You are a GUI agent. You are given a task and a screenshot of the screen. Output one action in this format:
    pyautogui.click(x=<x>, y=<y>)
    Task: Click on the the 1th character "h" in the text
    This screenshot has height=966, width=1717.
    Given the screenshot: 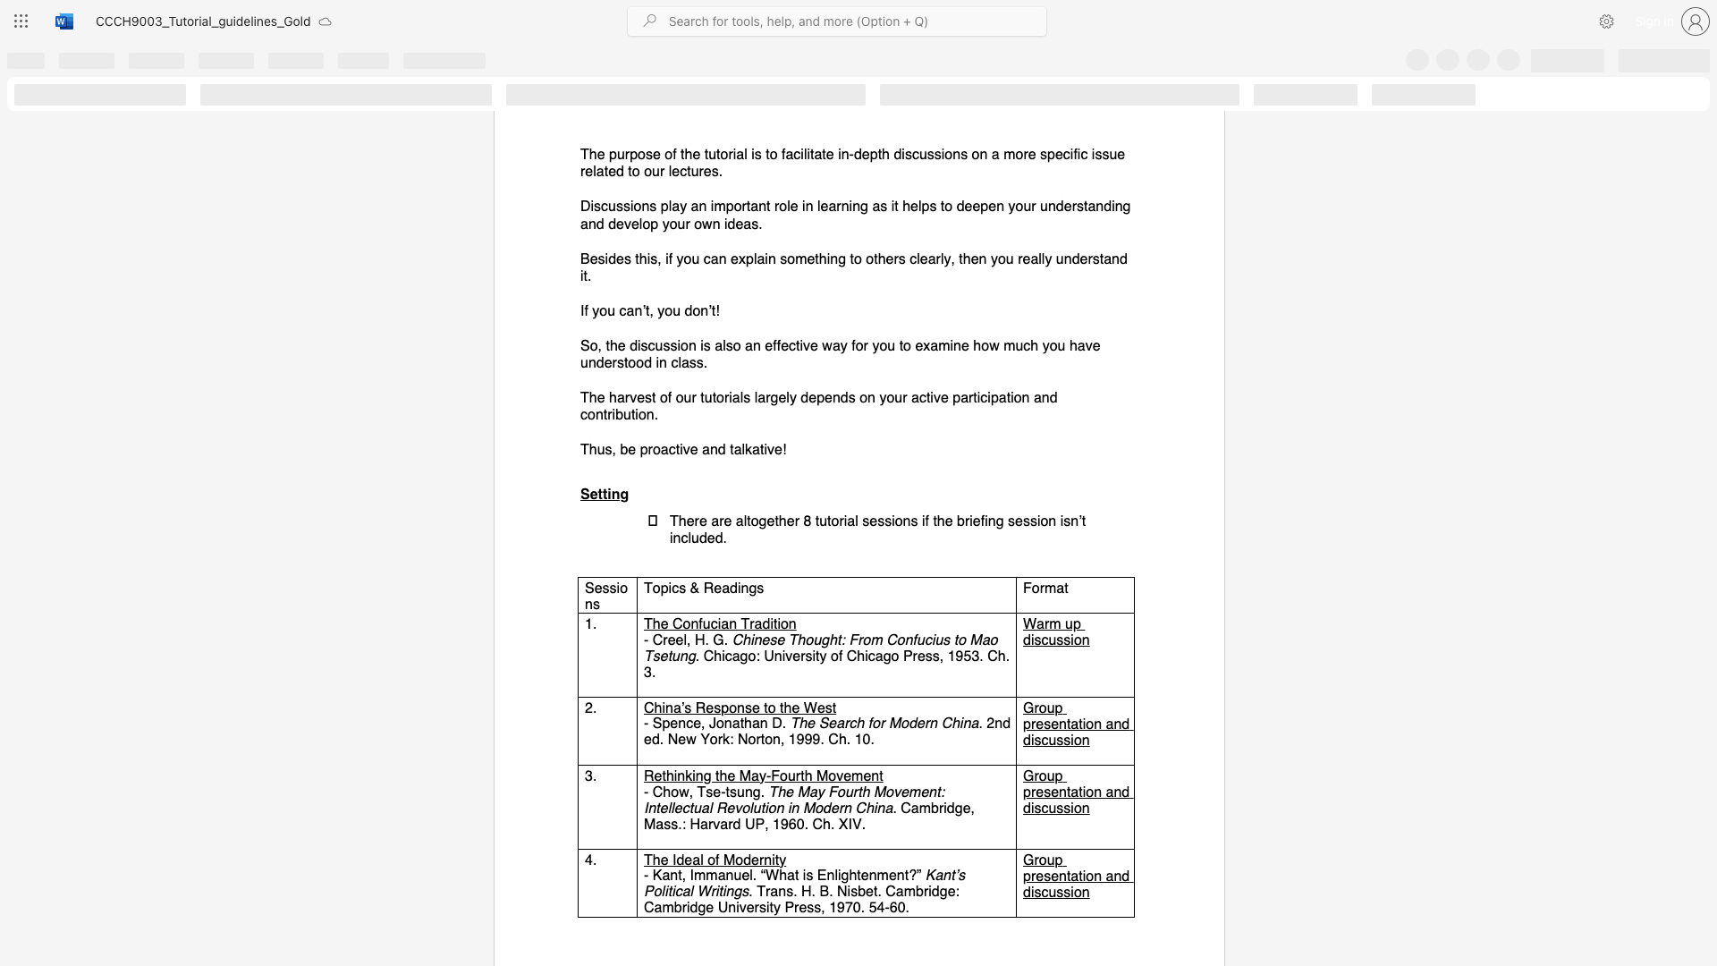 What is the action you would take?
    pyautogui.click(x=665, y=791)
    